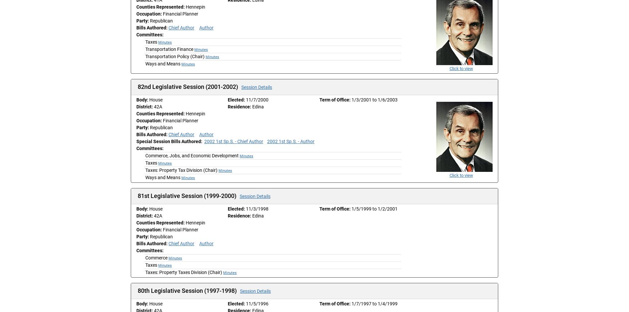 This screenshot has width=629, height=312. I want to click on '1/3/2001 to 1/6/2003', so click(374, 99).